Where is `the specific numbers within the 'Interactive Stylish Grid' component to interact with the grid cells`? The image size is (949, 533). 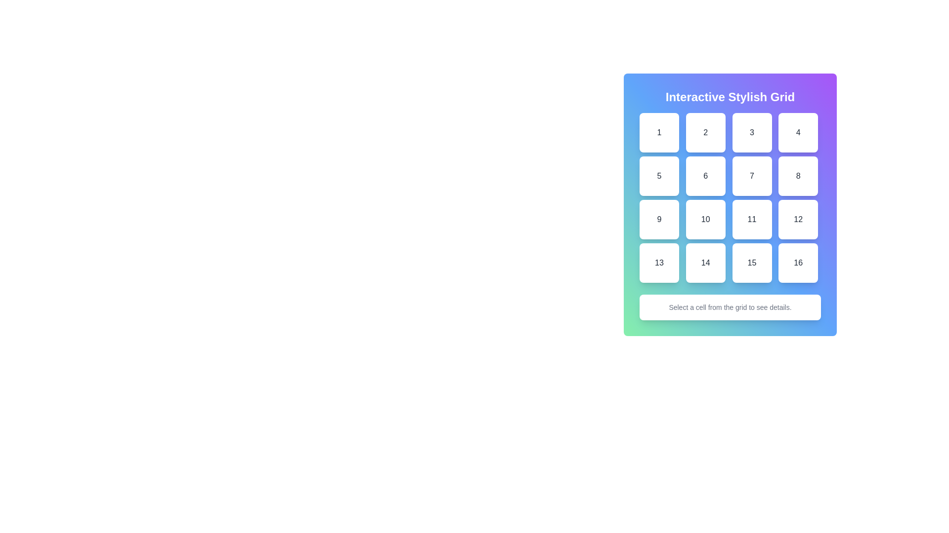
the specific numbers within the 'Interactive Stylish Grid' component to interact with the grid cells is located at coordinates (730, 204).